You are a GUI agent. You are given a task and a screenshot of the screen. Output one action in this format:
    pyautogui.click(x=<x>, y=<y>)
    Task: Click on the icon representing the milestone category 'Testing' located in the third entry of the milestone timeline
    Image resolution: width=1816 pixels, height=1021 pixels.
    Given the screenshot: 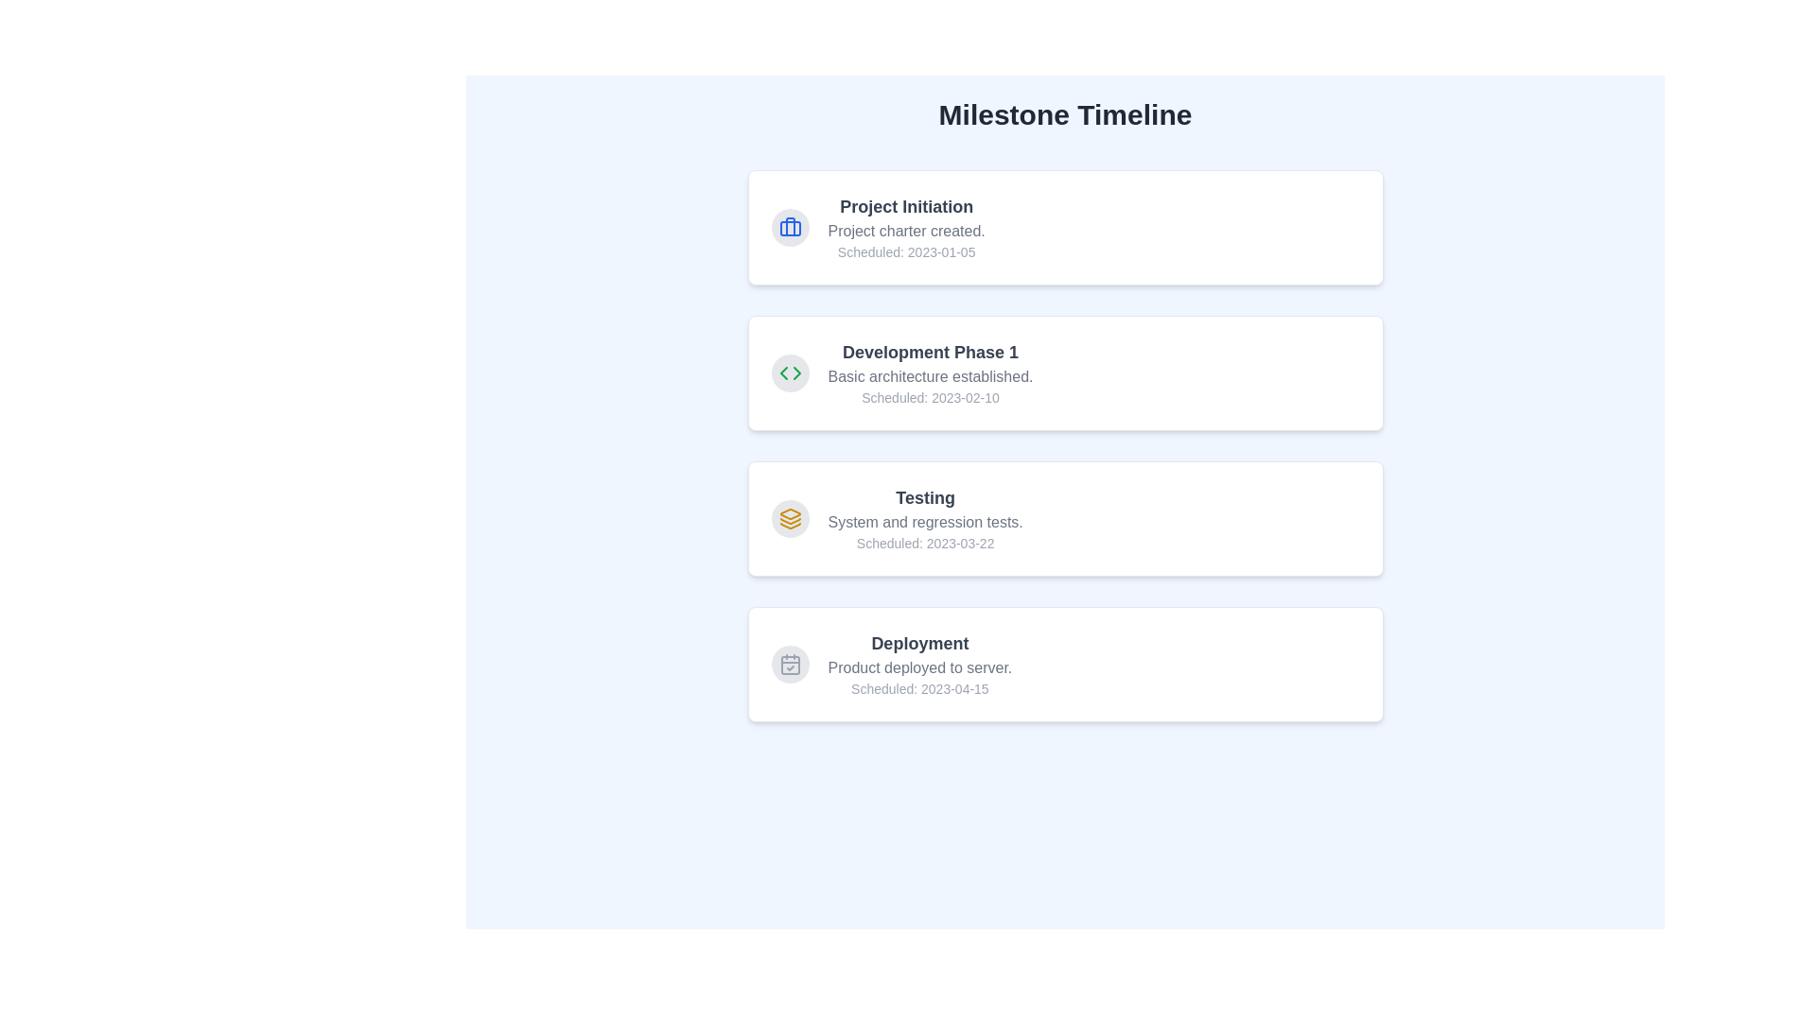 What is the action you would take?
    pyautogui.click(x=790, y=518)
    